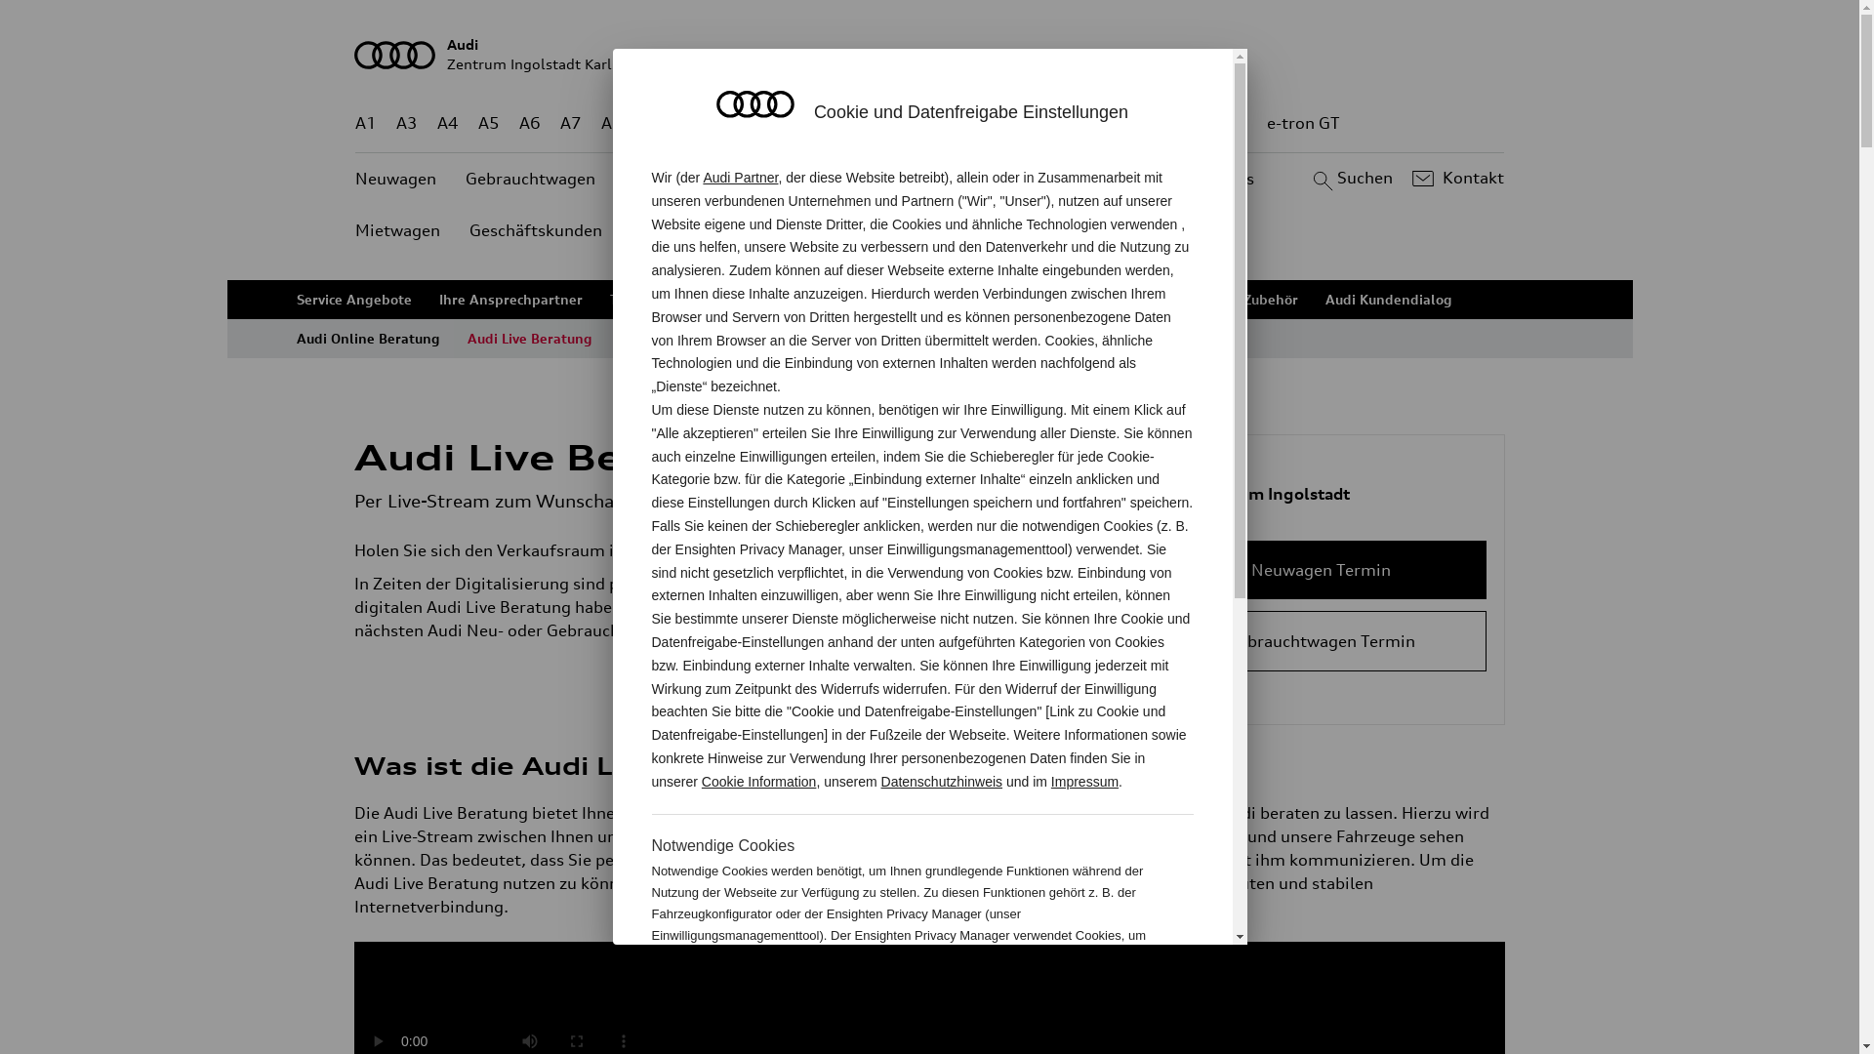 The image size is (1874, 1054). I want to click on 'A6', so click(519, 123).